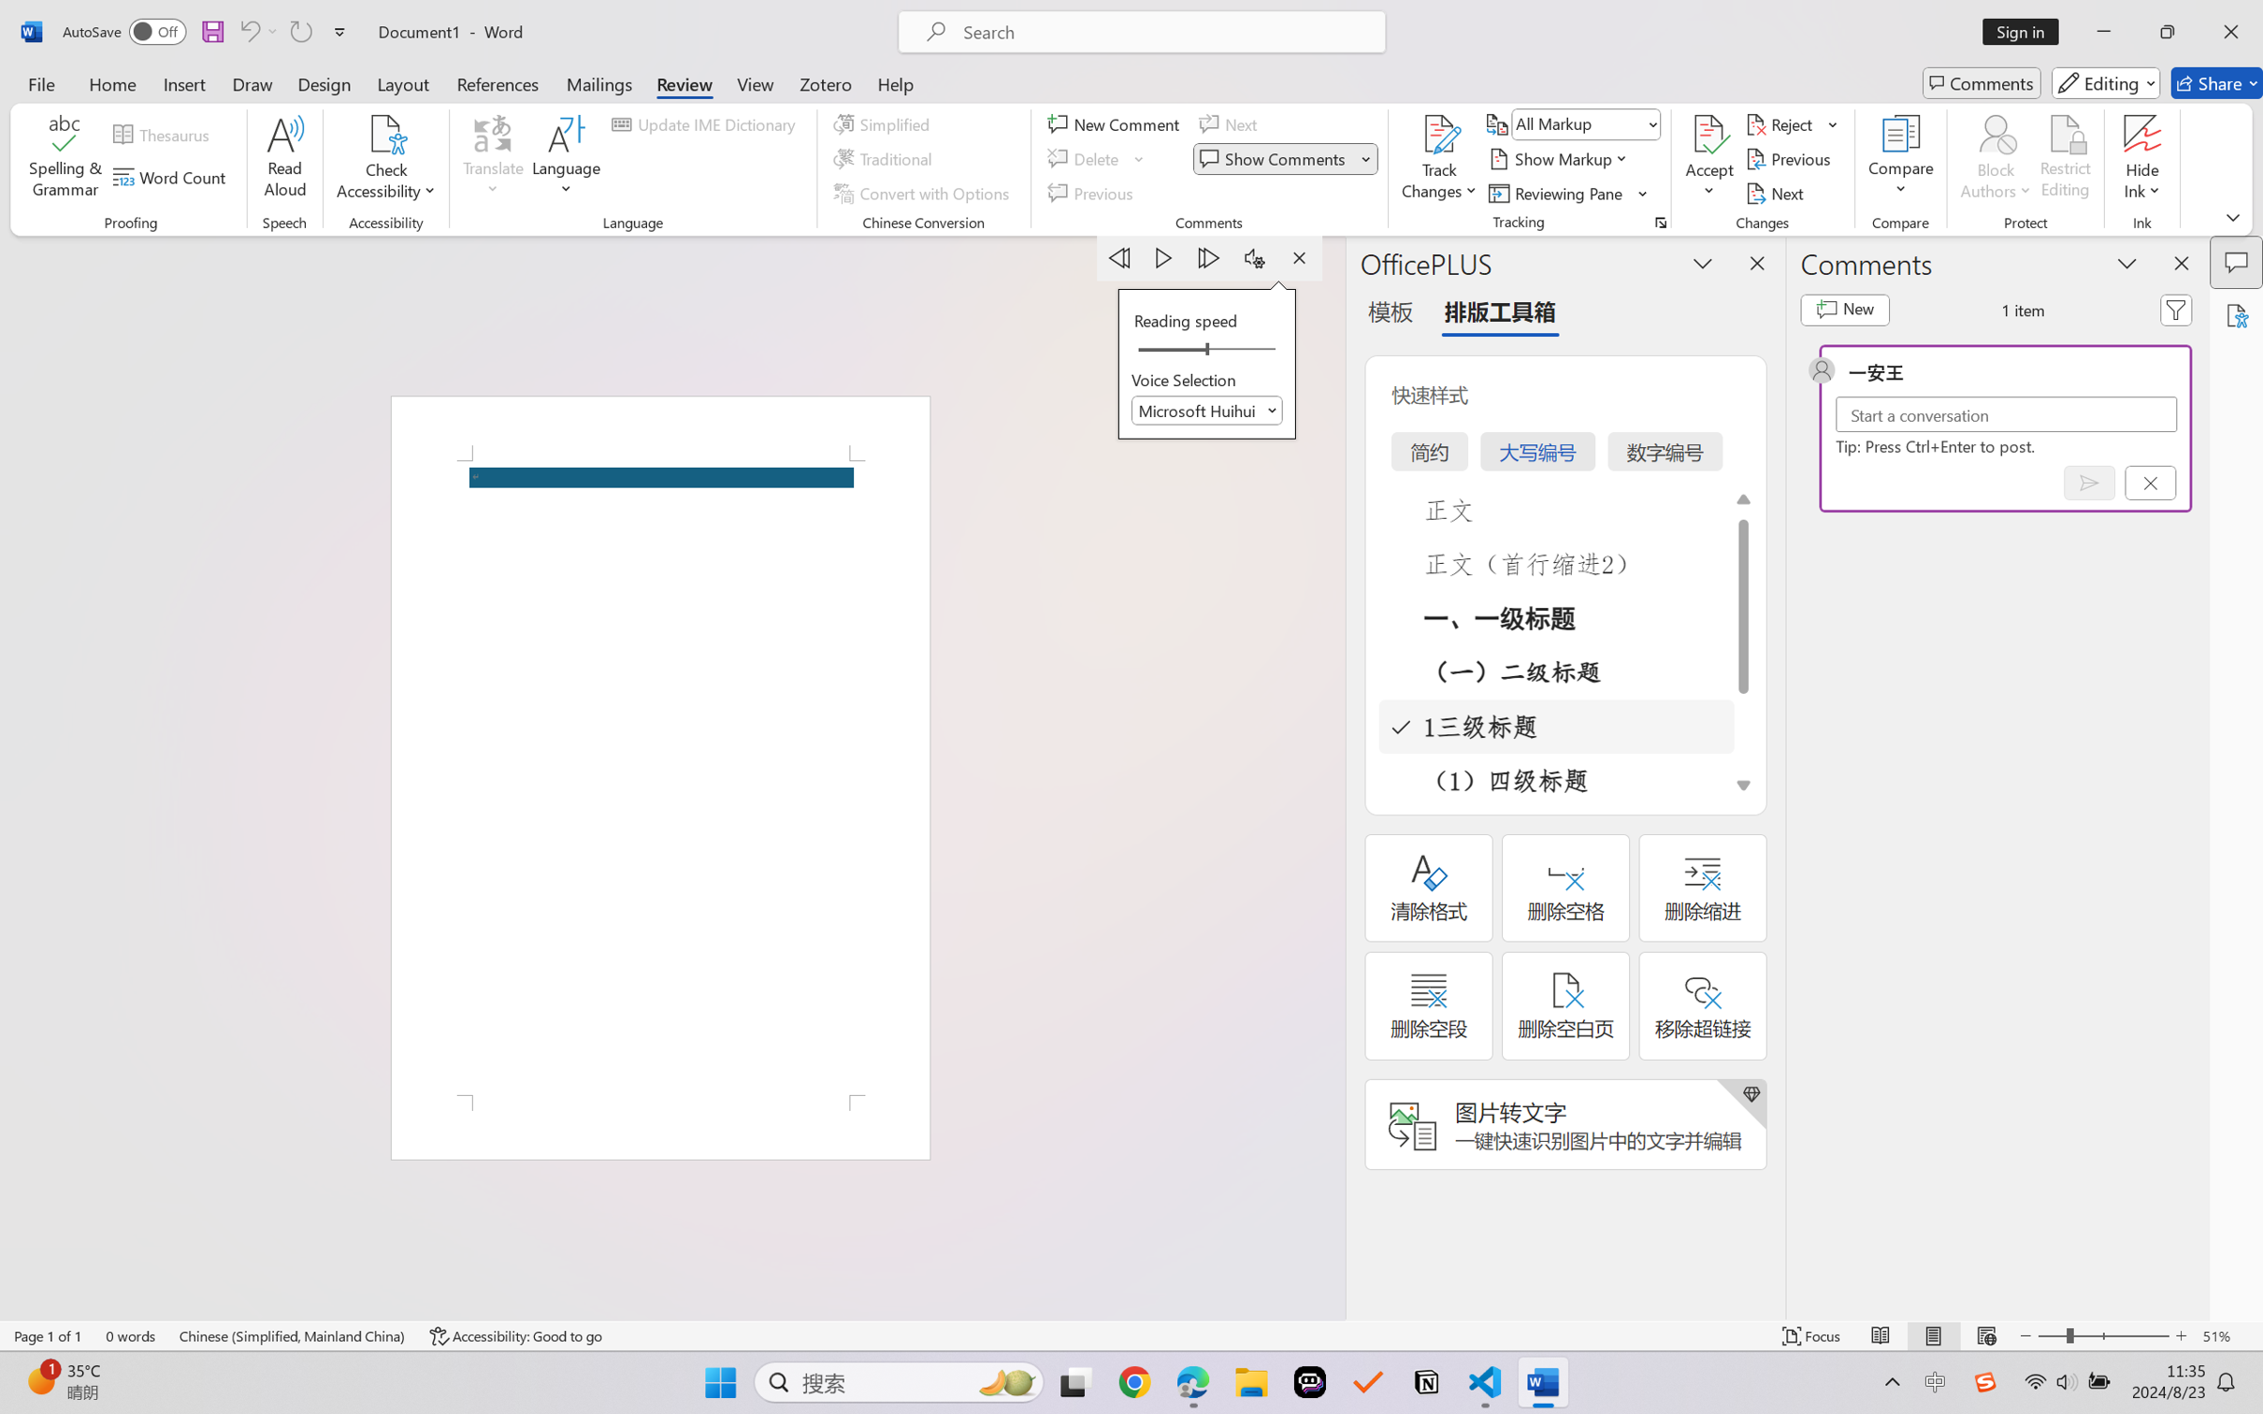  What do you see at coordinates (2006, 413) in the screenshot?
I see `'Start a conversation'` at bounding box center [2006, 413].